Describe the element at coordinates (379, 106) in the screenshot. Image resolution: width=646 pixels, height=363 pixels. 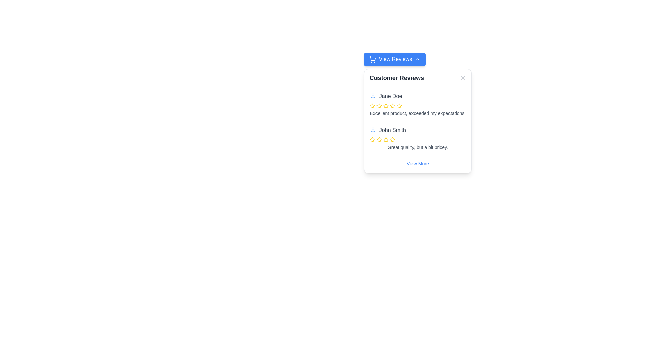
I see `the rating assigned through the first yellow star icon in the five-star rating section linked to the user review by 'Jane Doe'` at that location.